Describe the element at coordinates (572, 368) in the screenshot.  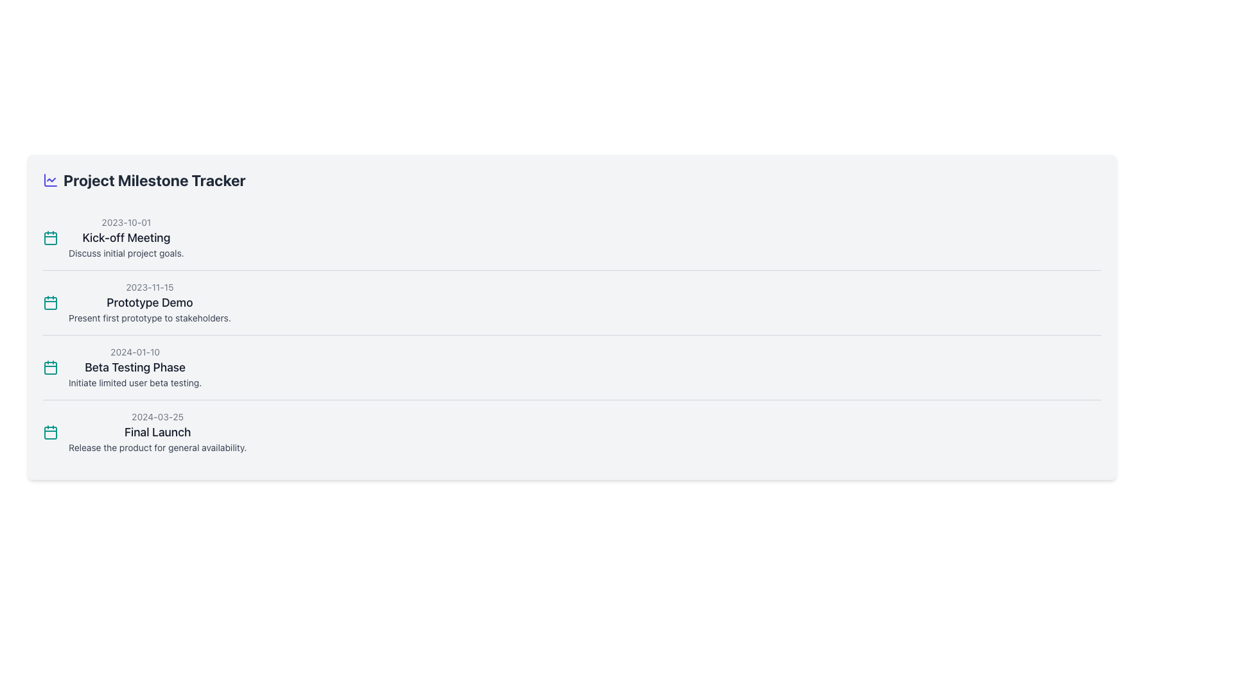
I see `the text in the third milestone summary row of the project milestone tracker, which provides the date, title, and description` at that location.